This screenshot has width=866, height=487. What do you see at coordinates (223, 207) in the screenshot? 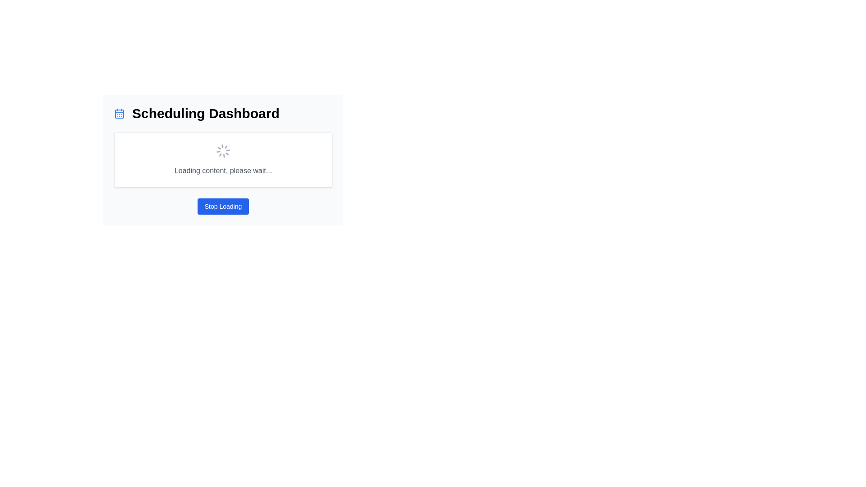
I see `the interrupt button located at the bottom of the 'Scheduling Dashboard' section to observe the hover effect` at bounding box center [223, 207].